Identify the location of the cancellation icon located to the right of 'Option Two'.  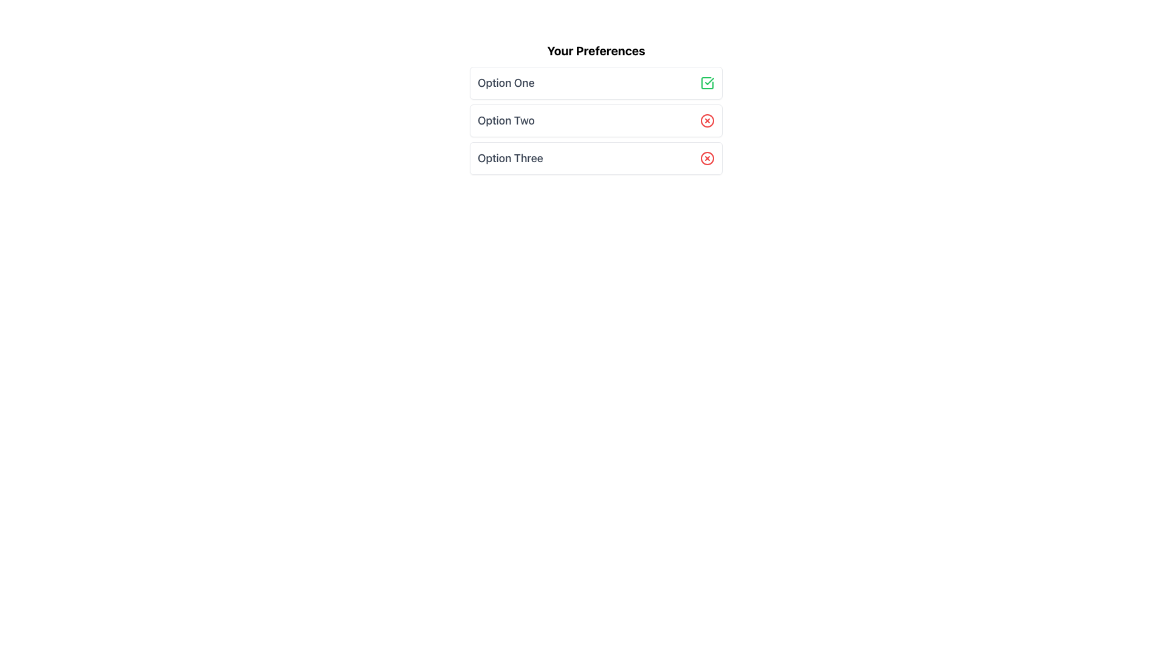
(707, 121).